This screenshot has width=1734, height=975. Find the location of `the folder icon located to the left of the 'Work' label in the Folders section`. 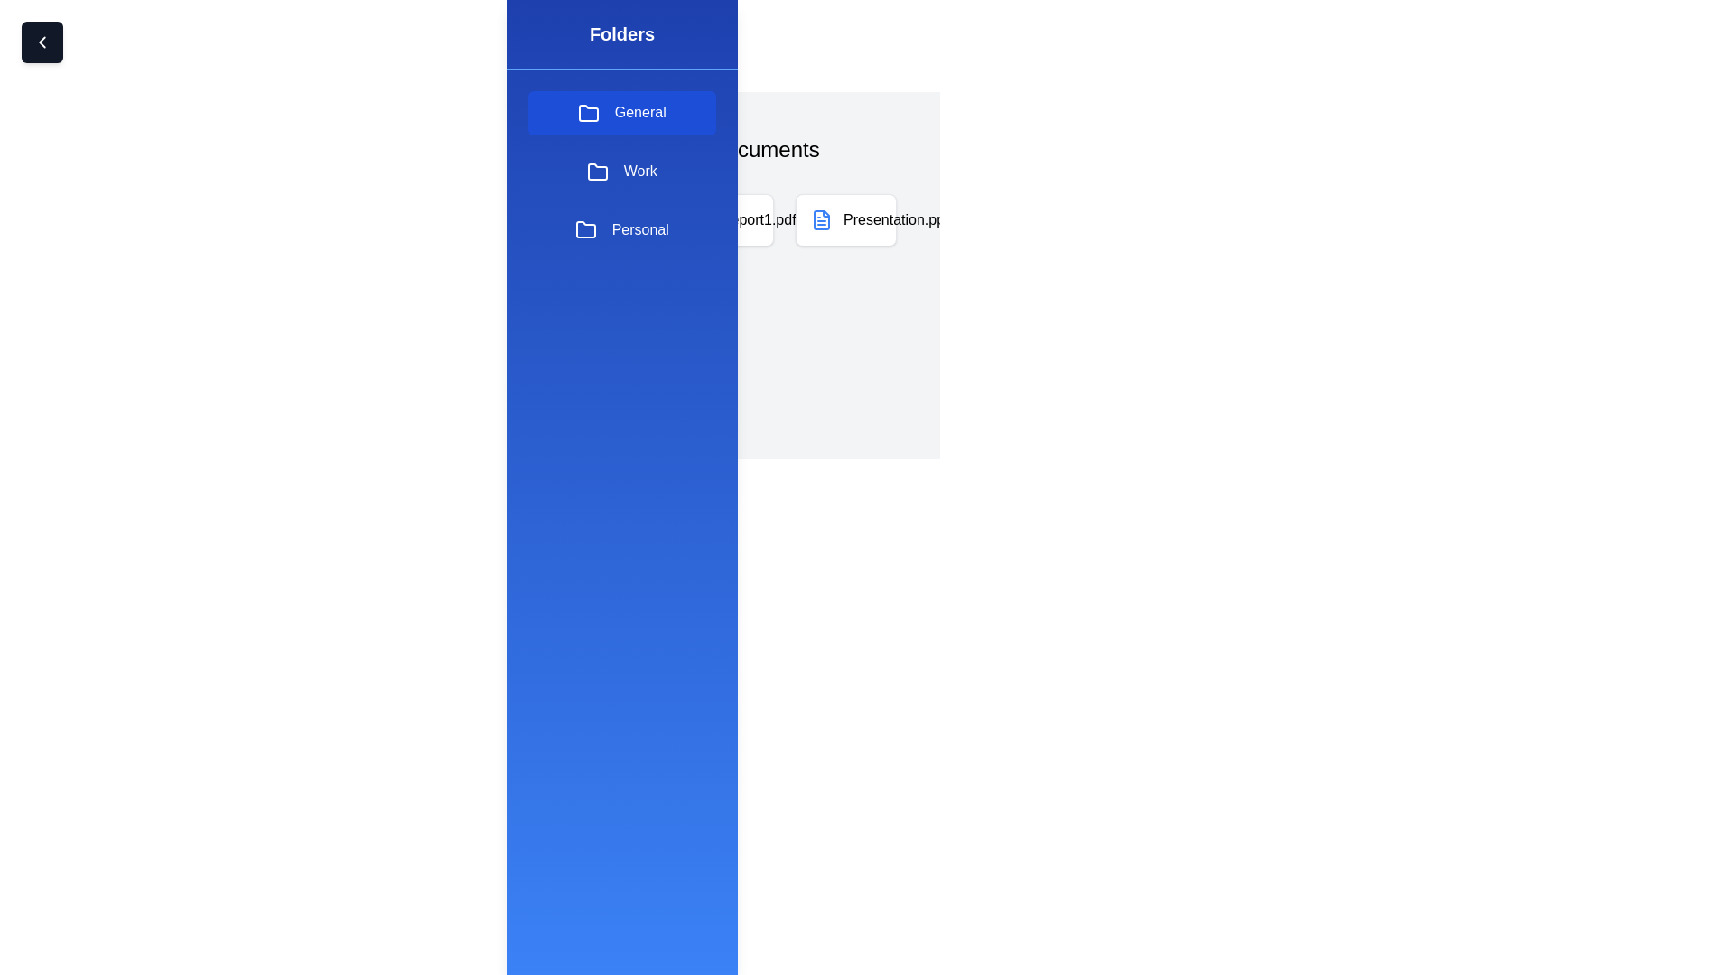

the folder icon located to the left of the 'Work' label in the Folders section is located at coordinates (598, 172).